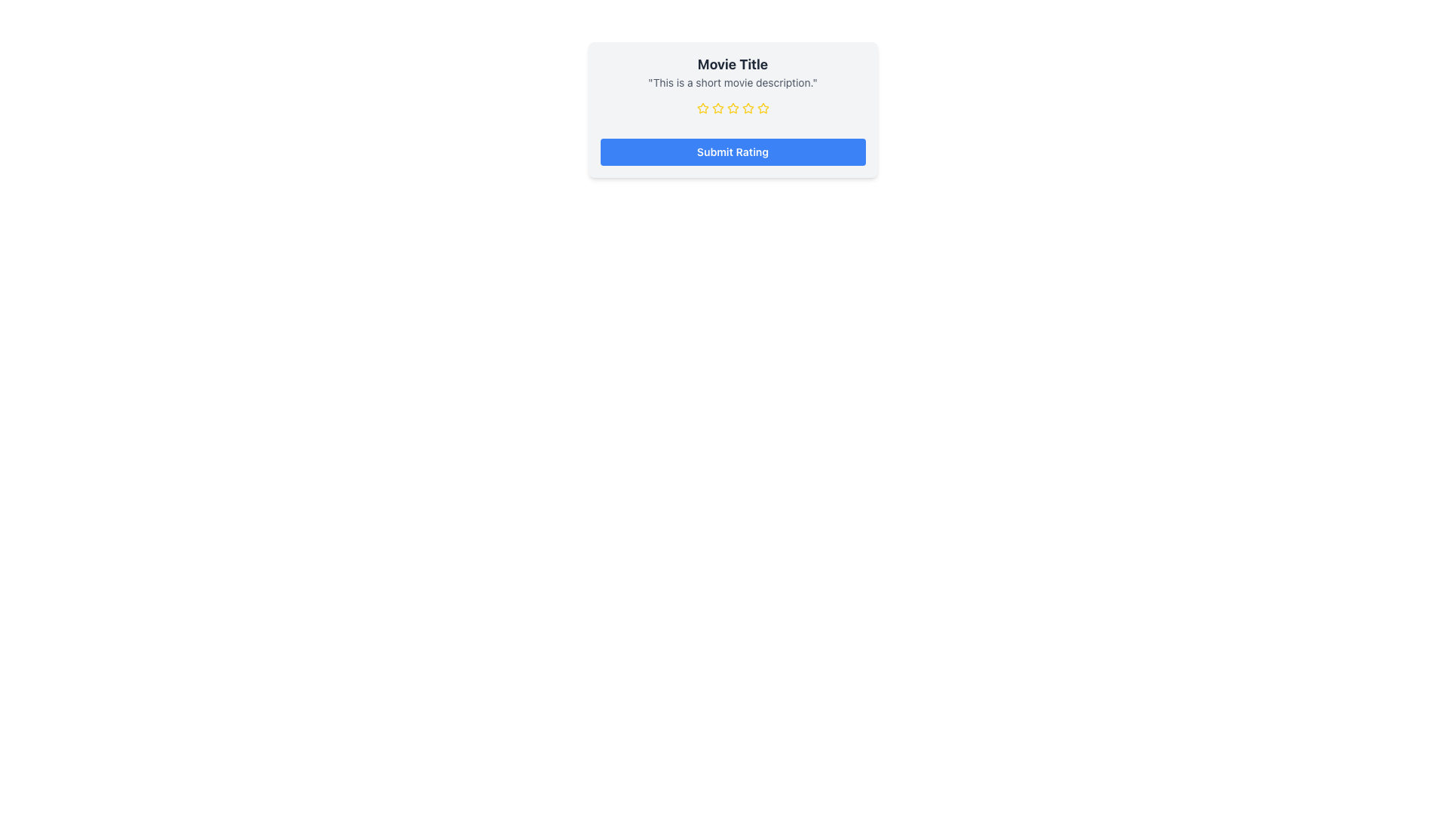 Image resolution: width=1447 pixels, height=814 pixels. Describe the element at coordinates (717, 107) in the screenshot. I see `the second star in the row of five rating stars` at that location.